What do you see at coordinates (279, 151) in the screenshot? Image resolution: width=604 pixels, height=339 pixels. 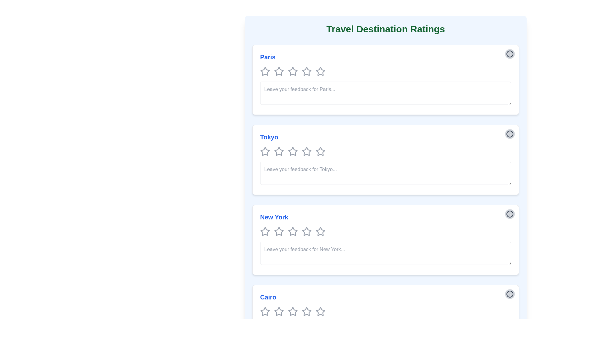 I see `the second star in the 'Tokyo' rating block to indicate a potential rating` at bounding box center [279, 151].